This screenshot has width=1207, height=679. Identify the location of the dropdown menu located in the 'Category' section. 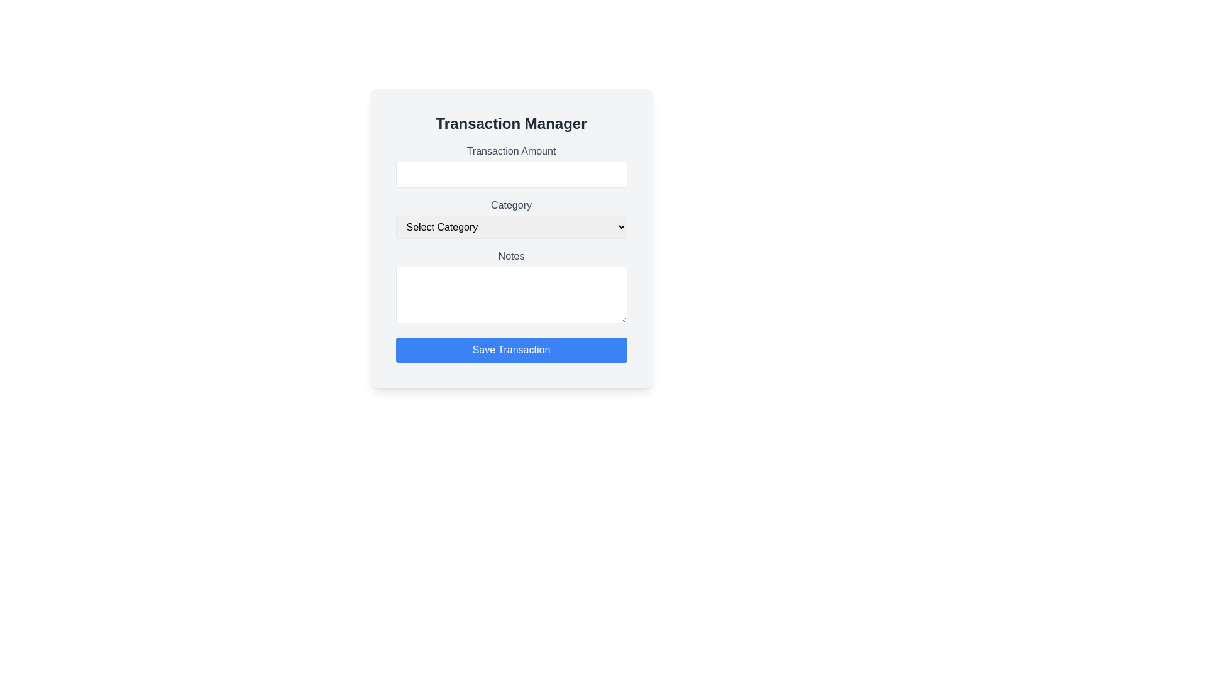
(511, 227).